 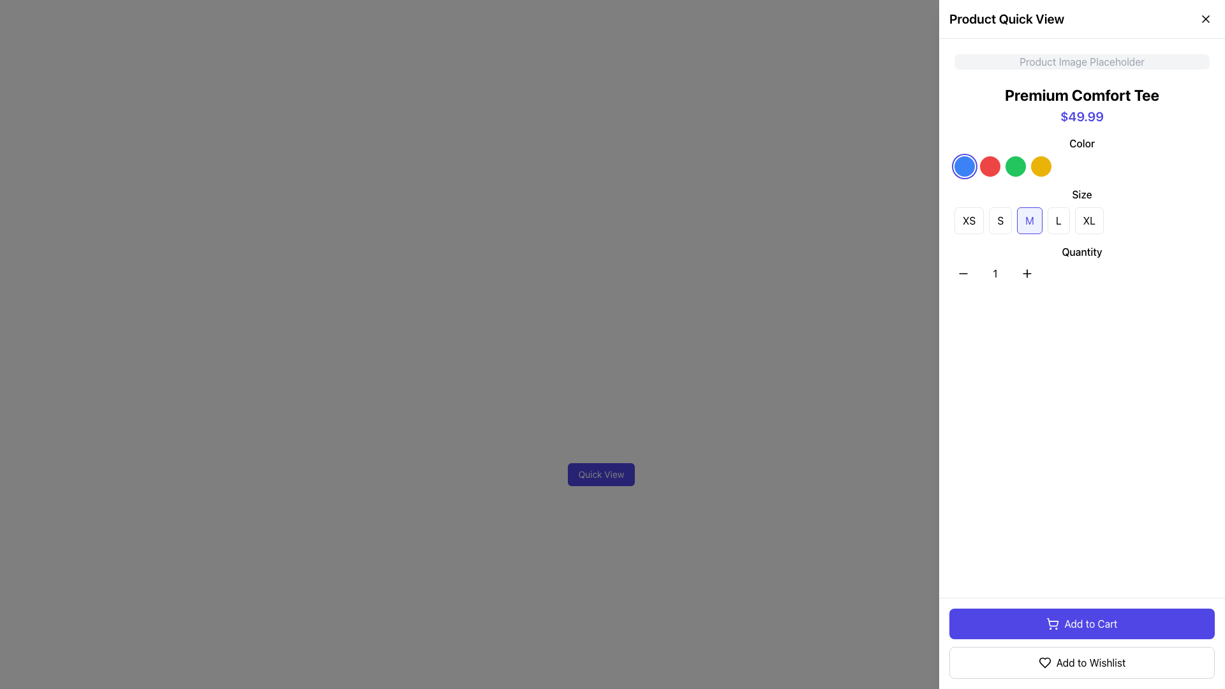 What do you see at coordinates (989, 166) in the screenshot?
I see `the second circular button for selecting red color, located under the 'Color' text` at bounding box center [989, 166].